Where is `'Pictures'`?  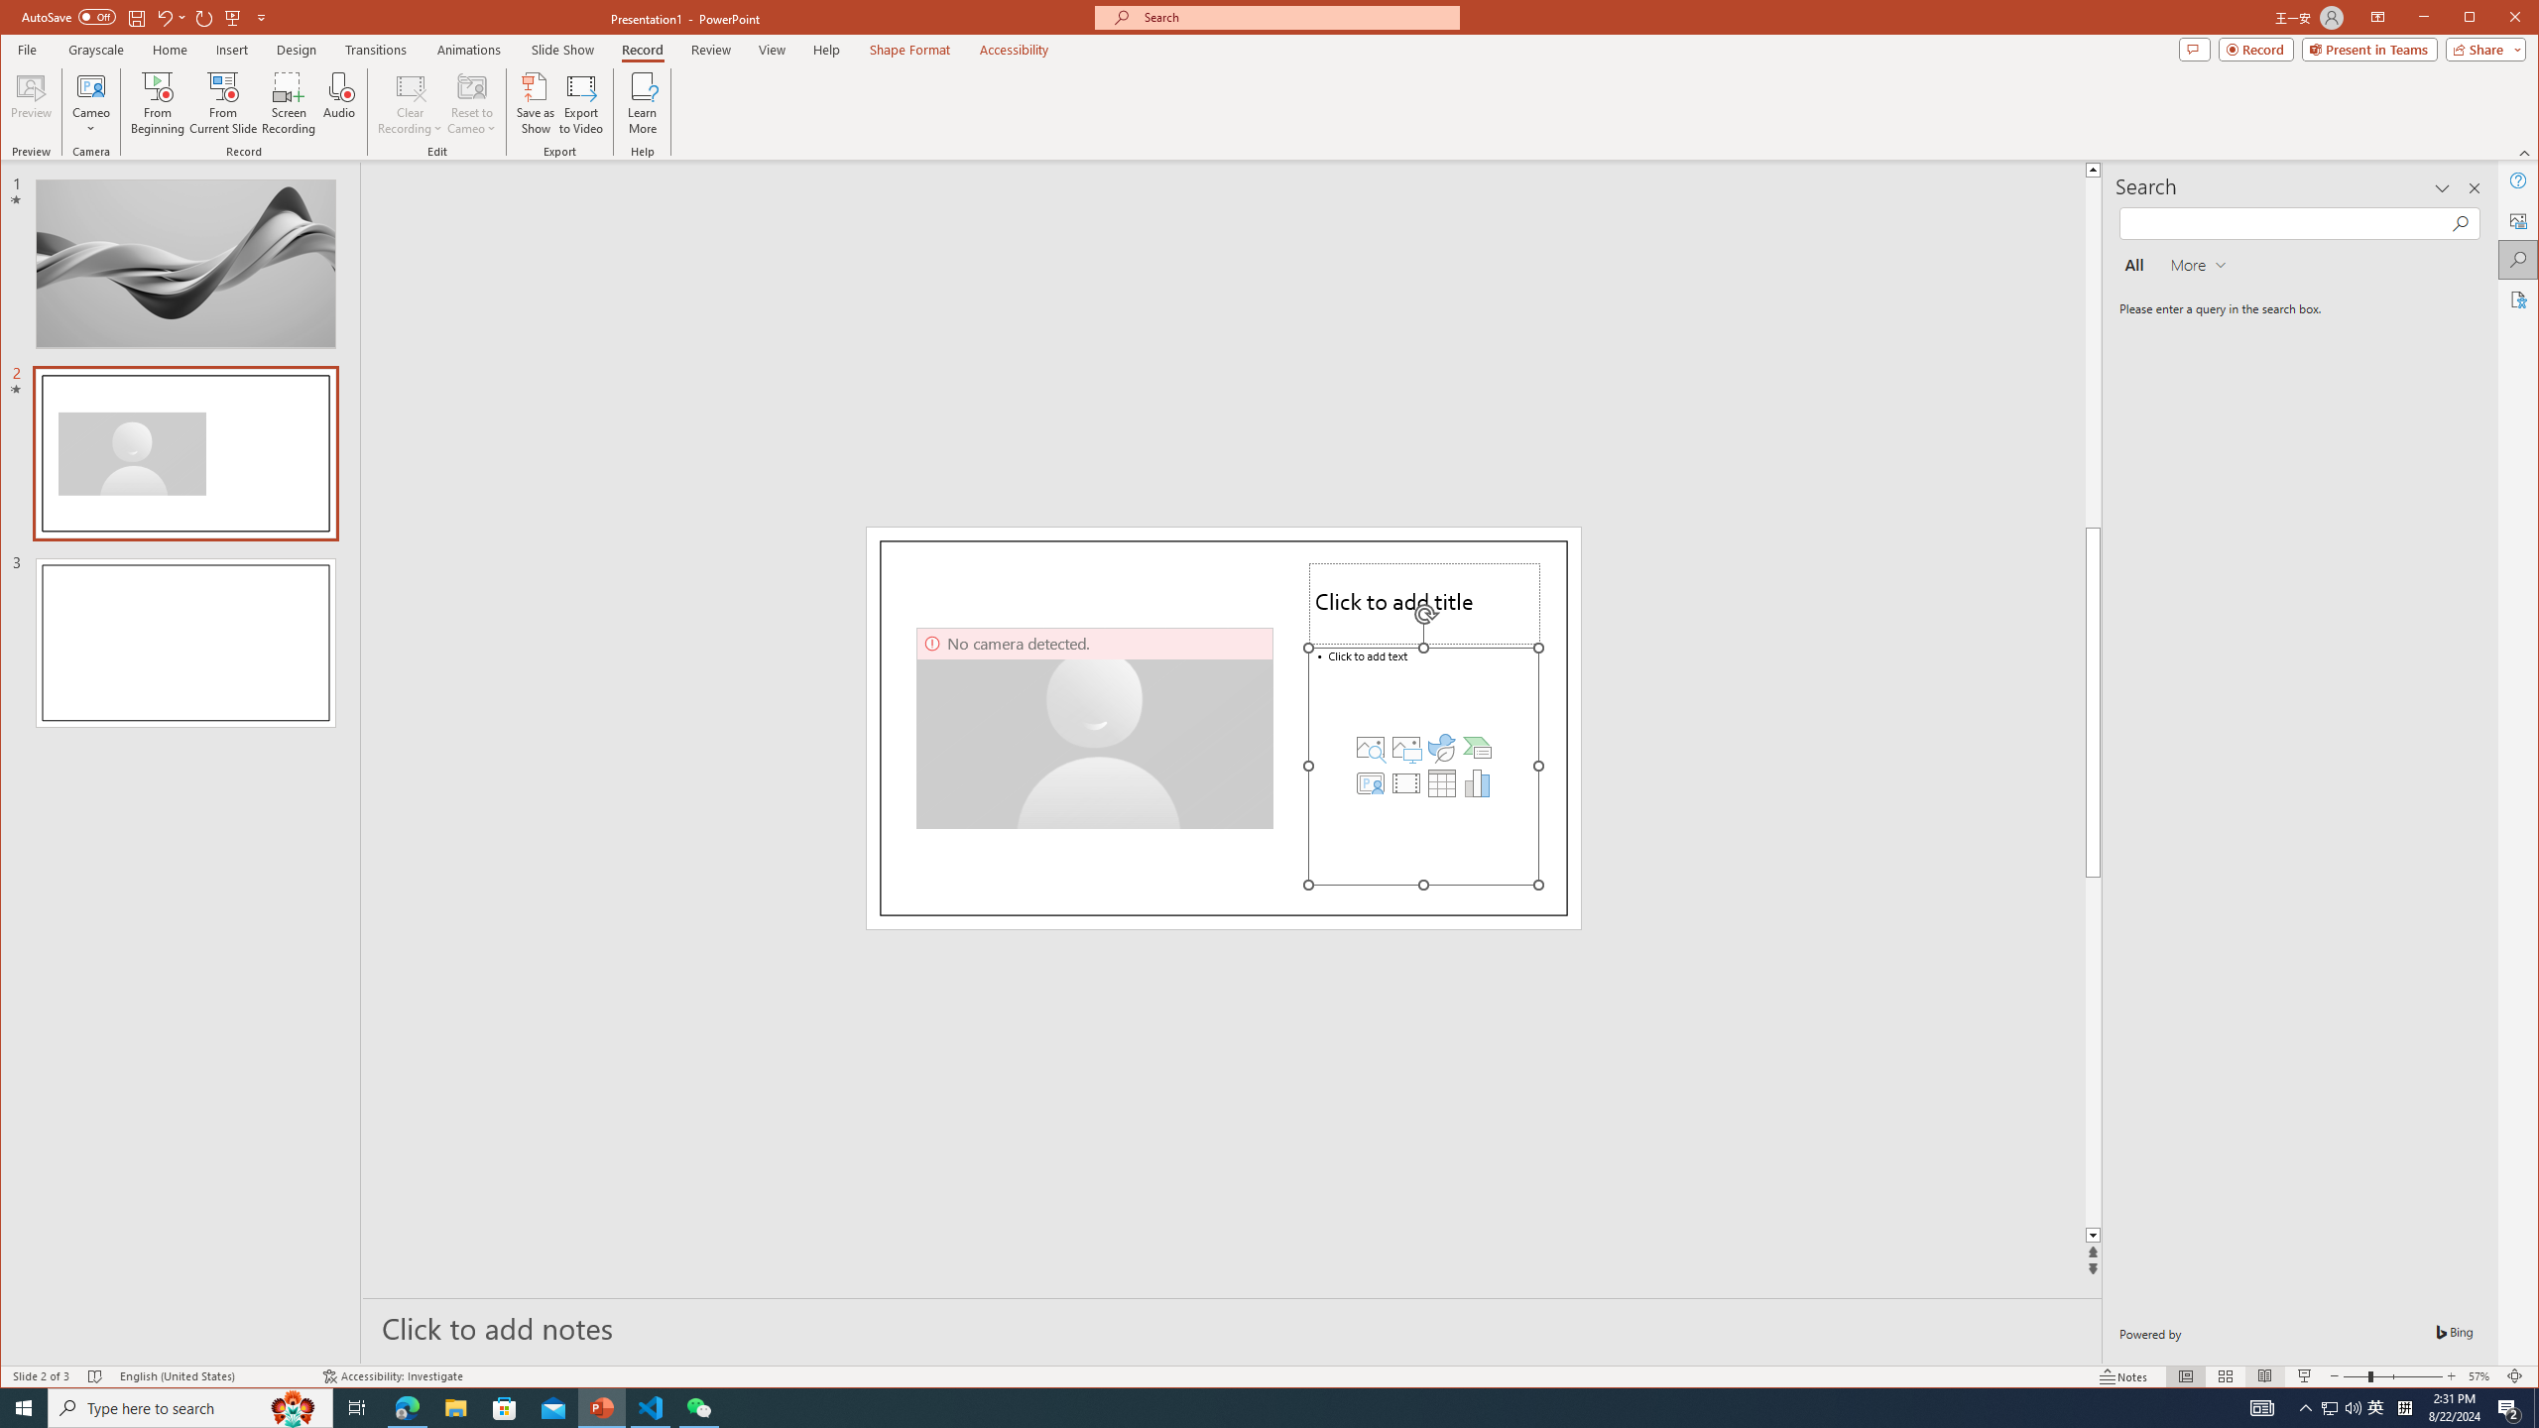
'Pictures' is located at coordinates (1406, 746).